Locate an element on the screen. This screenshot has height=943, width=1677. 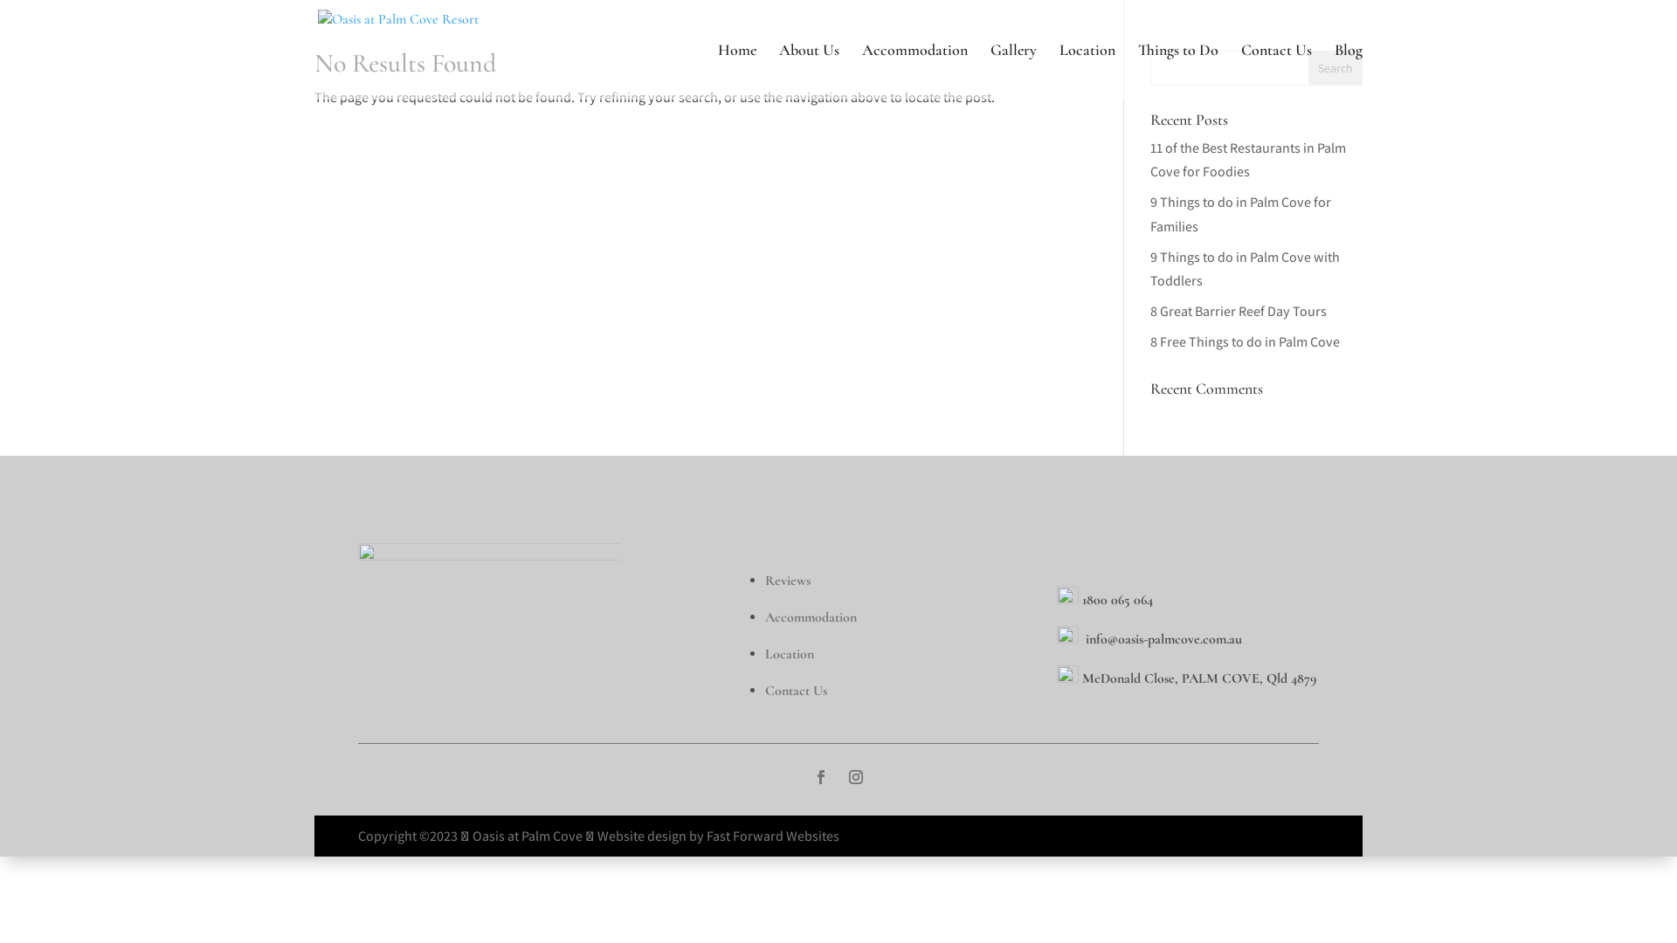
'About Us' is located at coordinates (808, 70).